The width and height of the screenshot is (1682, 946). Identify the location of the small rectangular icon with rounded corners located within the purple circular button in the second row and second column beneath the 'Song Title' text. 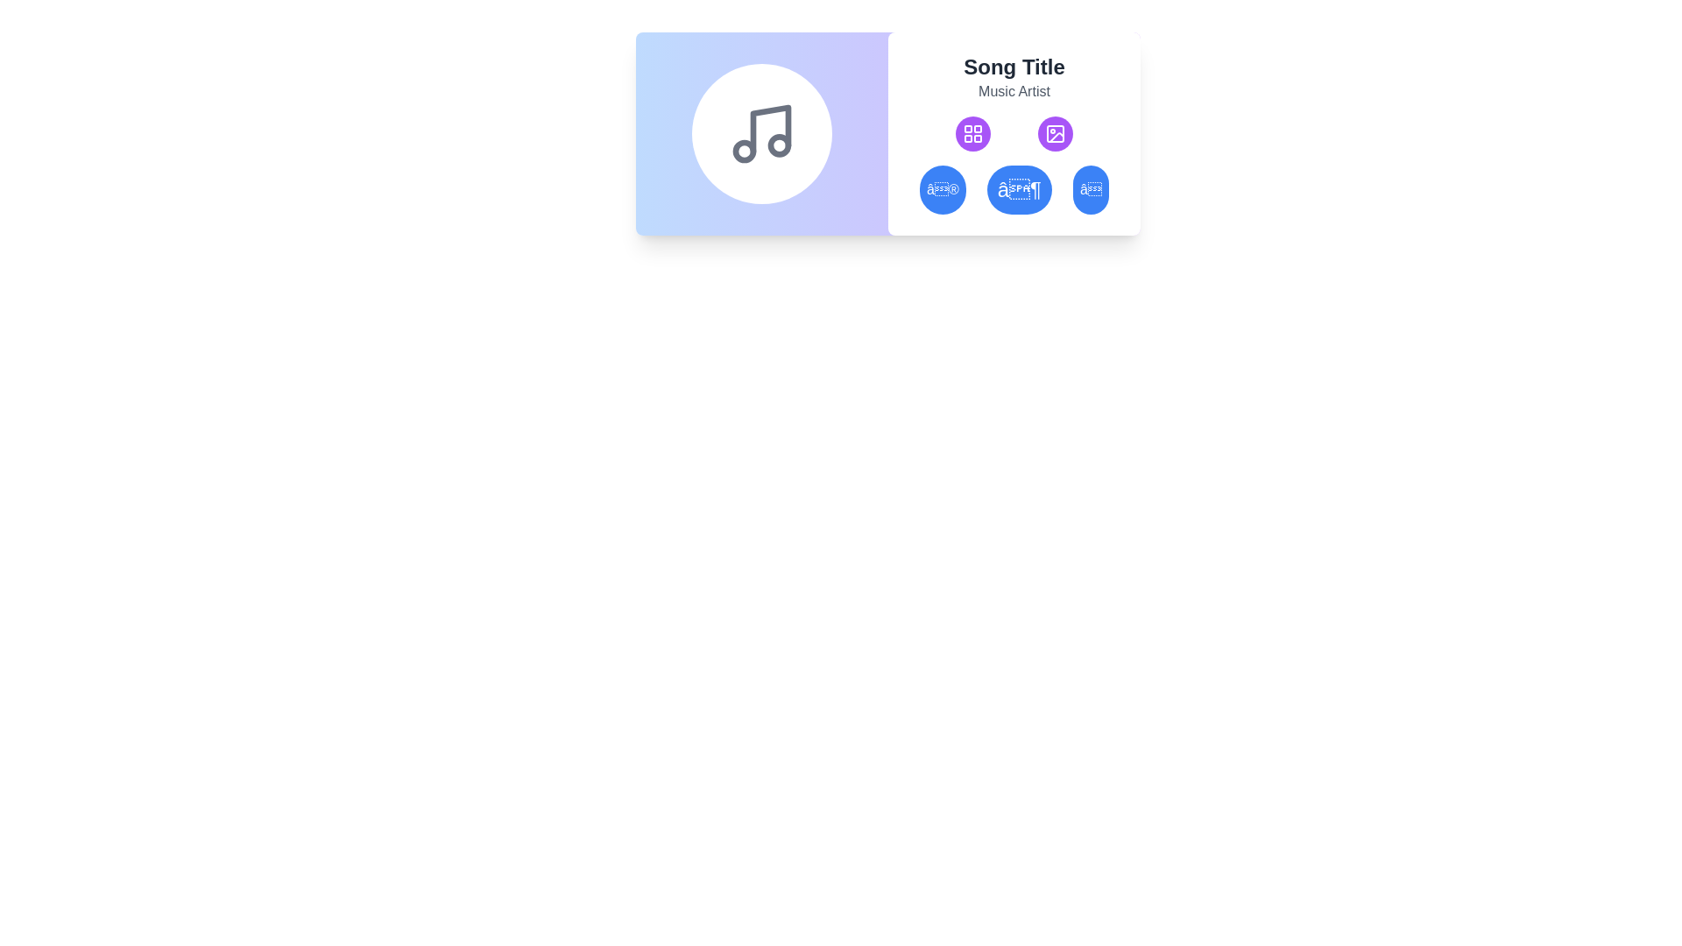
(1054, 133).